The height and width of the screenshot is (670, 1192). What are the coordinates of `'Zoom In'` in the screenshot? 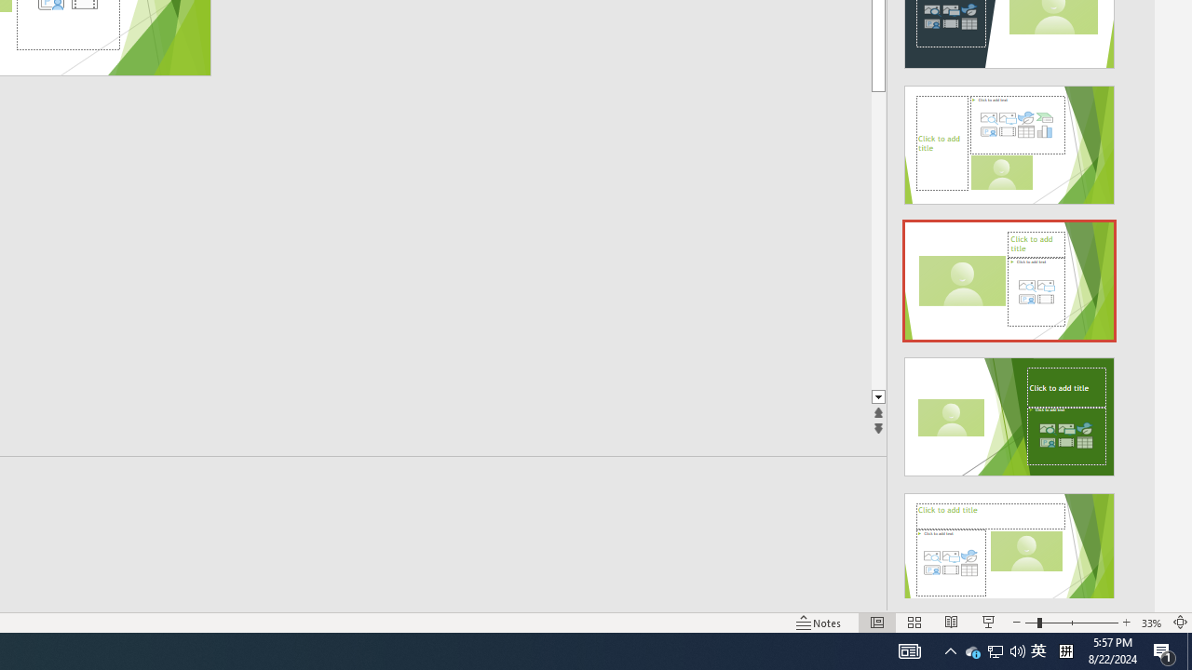 It's located at (1125, 623).